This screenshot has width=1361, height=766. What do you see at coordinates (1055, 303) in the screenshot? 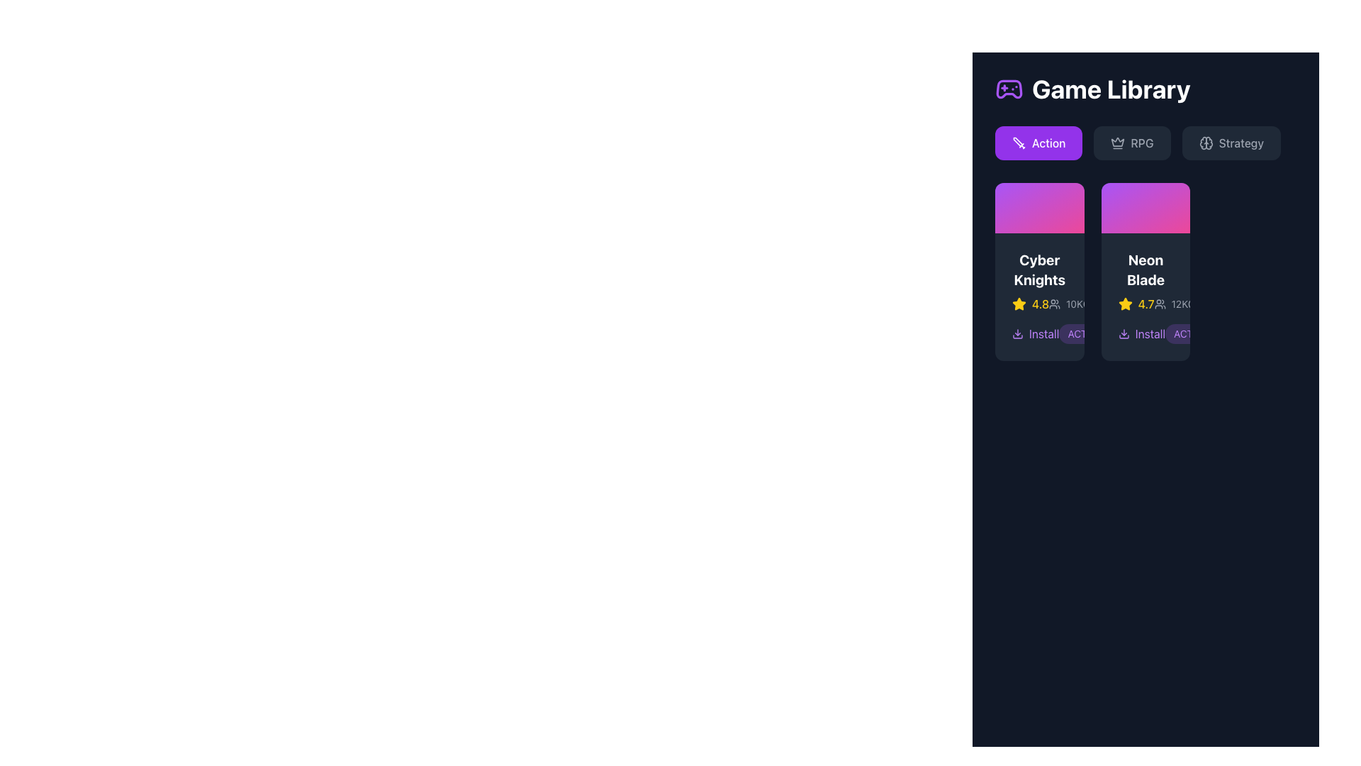
I see `the icon representing the number of users or participants` at bounding box center [1055, 303].